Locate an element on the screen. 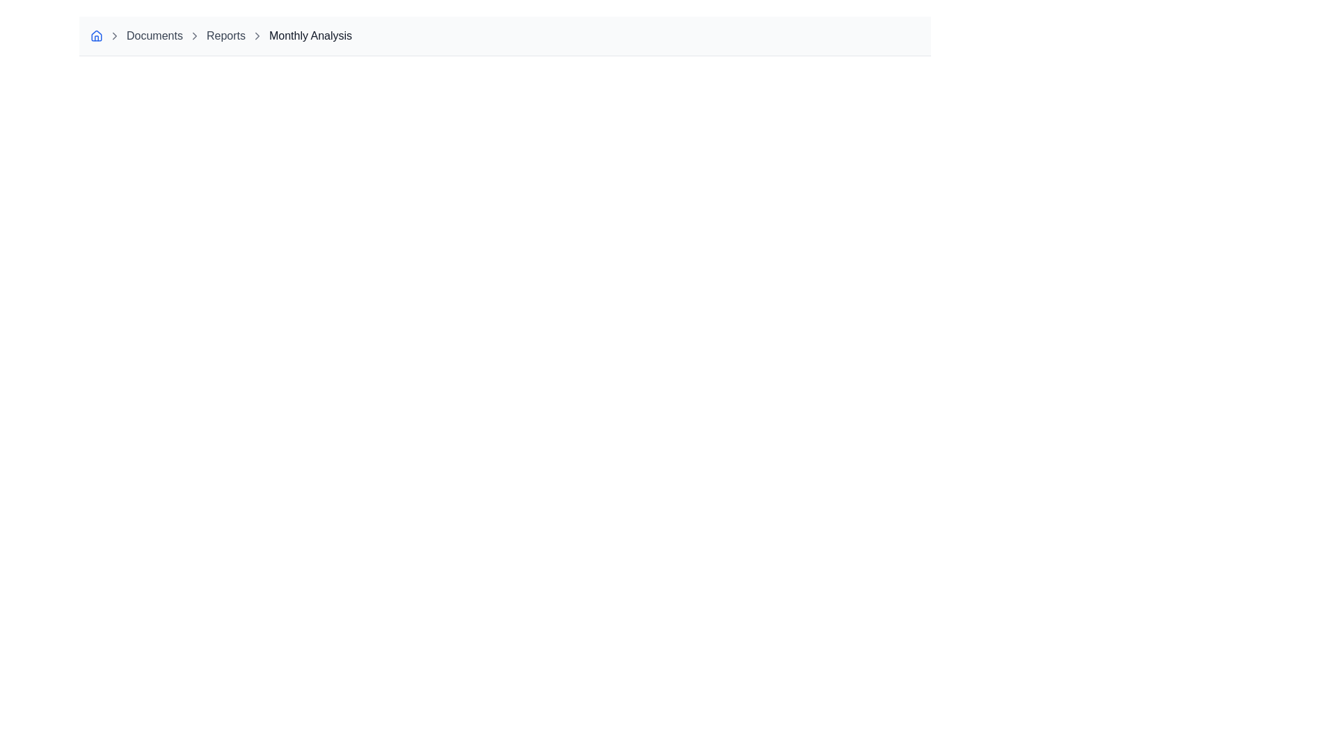 The image size is (1336, 751). the 'Monthly Analysis' label in the breadcrumb navigation structure, which appears after 'Reports' and is separated by a rightward arrow icon is located at coordinates (310, 35).